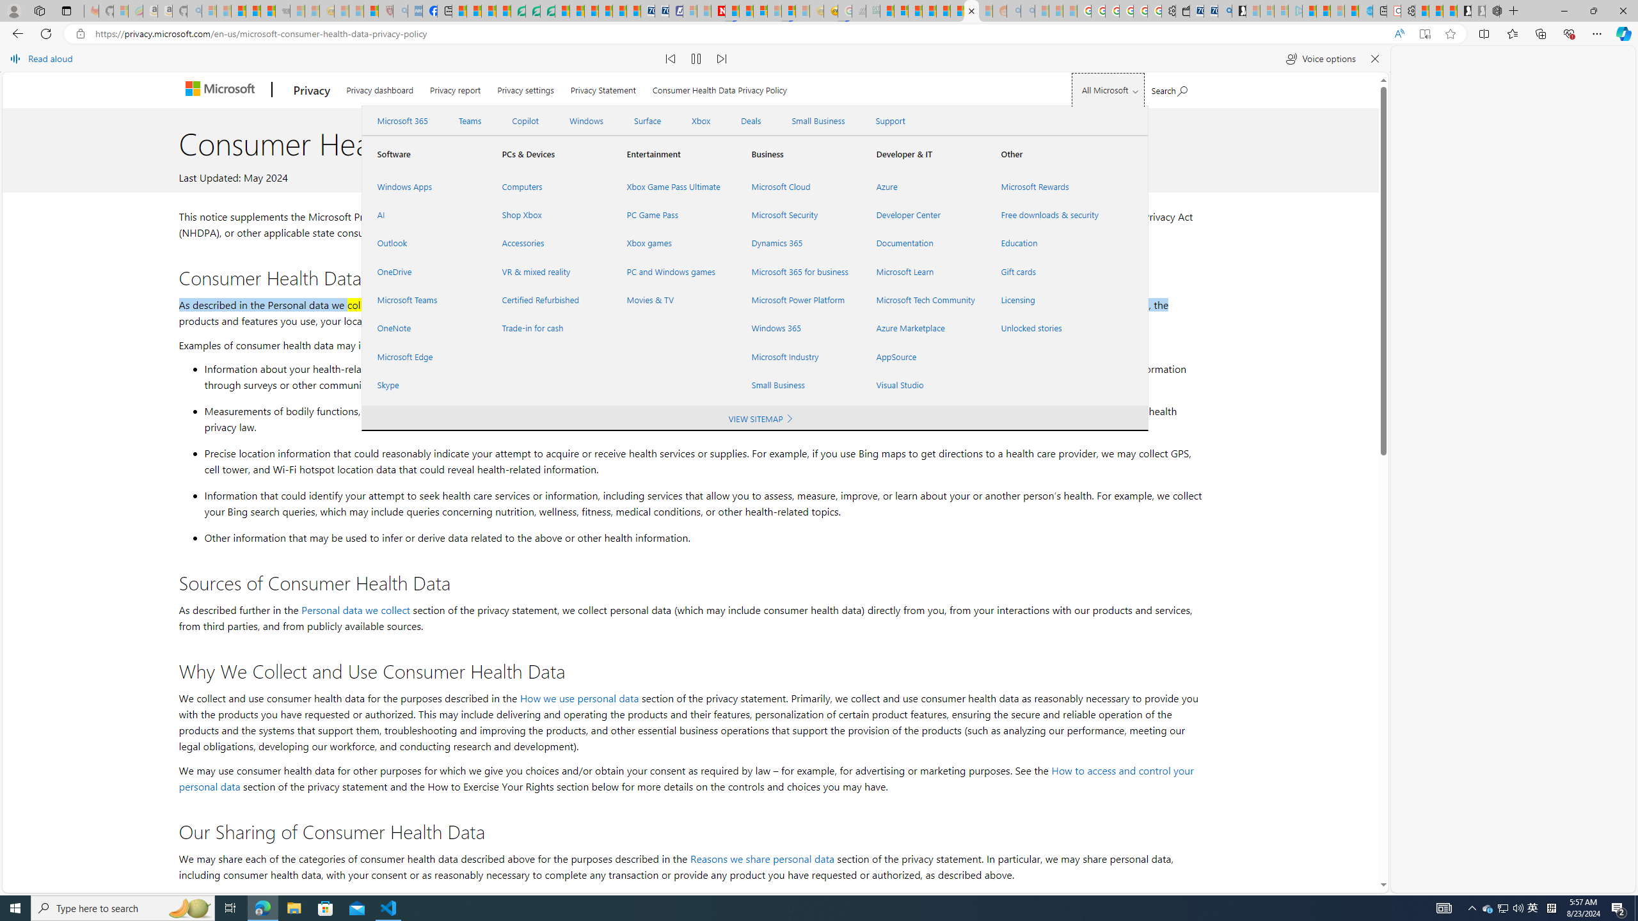 The width and height of the screenshot is (1638, 921). What do you see at coordinates (488, 10) in the screenshot?
I see `'World - MSN'` at bounding box center [488, 10].